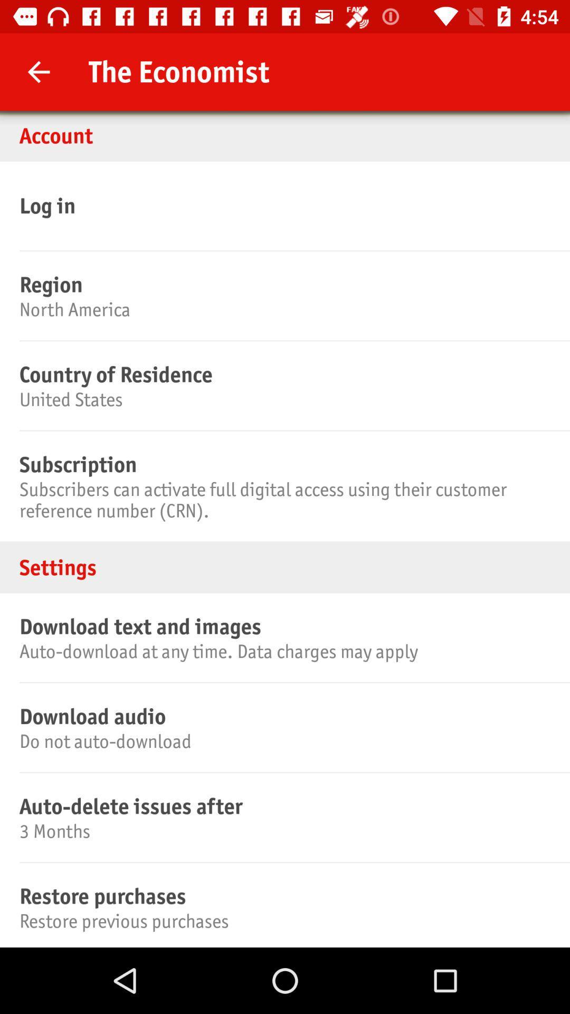 This screenshot has height=1014, width=570. Describe the element at coordinates (38, 71) in the screenshot. I see `item above the account icon` at that location.